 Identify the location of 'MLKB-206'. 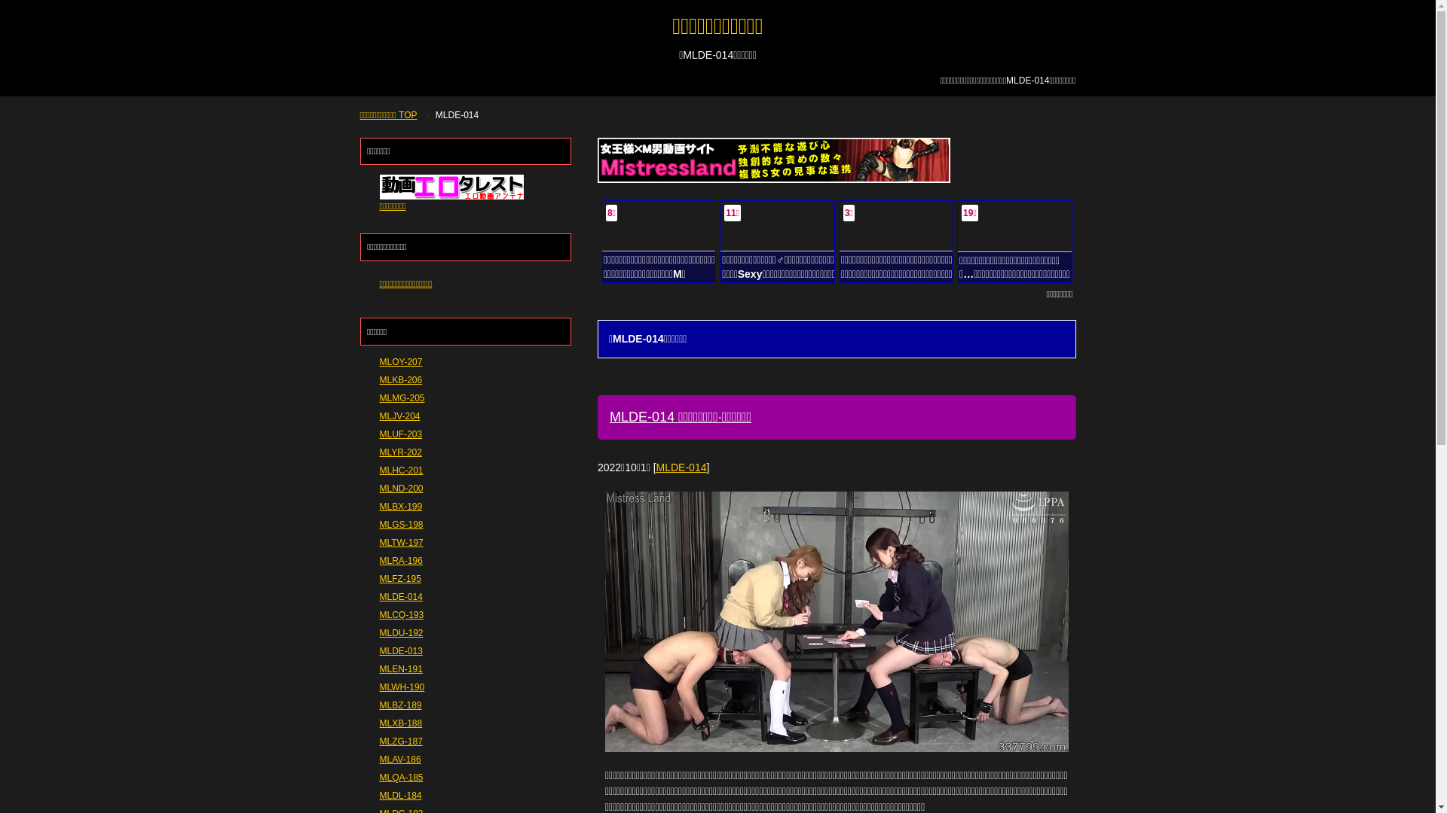
(401, 379).